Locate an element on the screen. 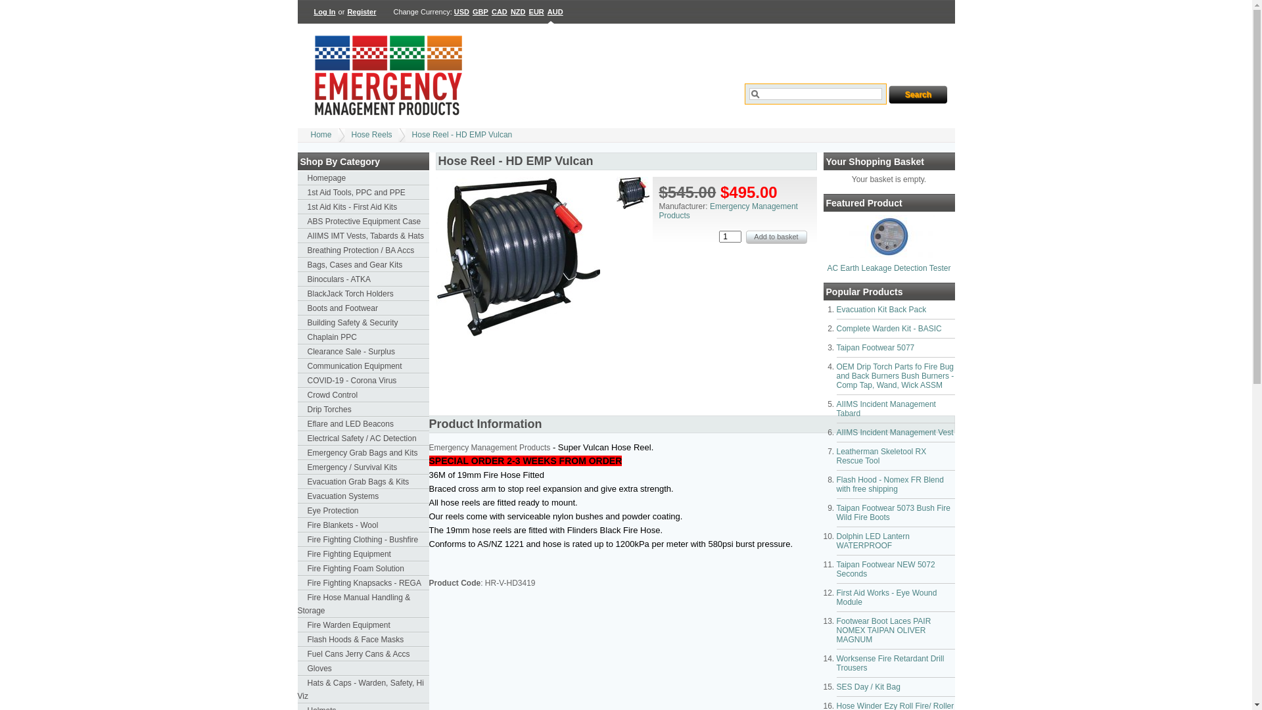 The image size is (1262, 710). '1st Aid Tools, PPC and PPE' is located at coordinates (363, 193).